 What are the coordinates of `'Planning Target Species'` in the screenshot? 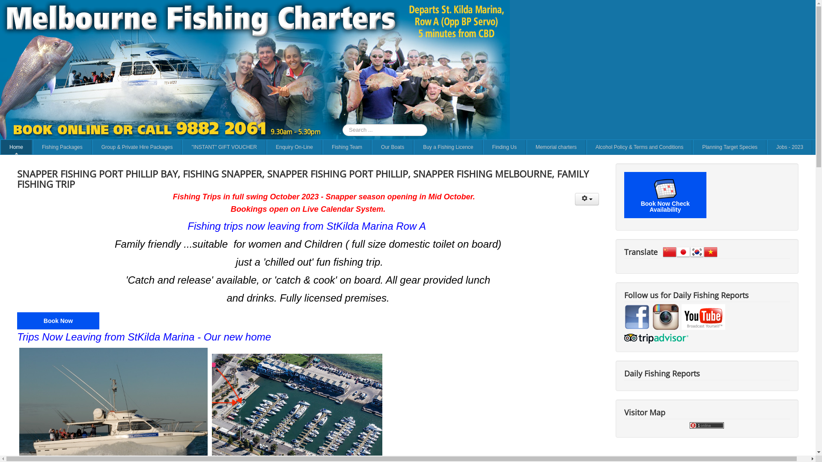 It's located at (729, 146).